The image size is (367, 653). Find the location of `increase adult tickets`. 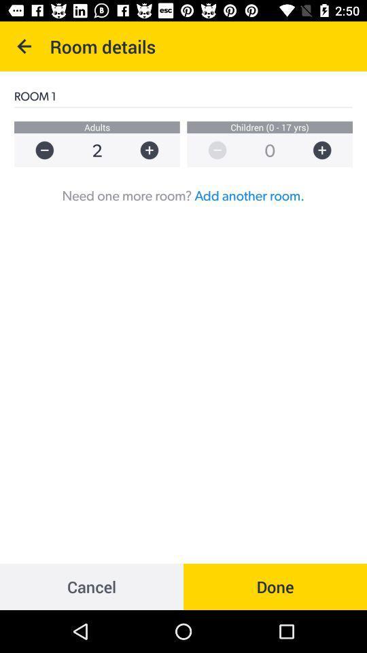

increase adult tickets is located at coordinates (155, 150).